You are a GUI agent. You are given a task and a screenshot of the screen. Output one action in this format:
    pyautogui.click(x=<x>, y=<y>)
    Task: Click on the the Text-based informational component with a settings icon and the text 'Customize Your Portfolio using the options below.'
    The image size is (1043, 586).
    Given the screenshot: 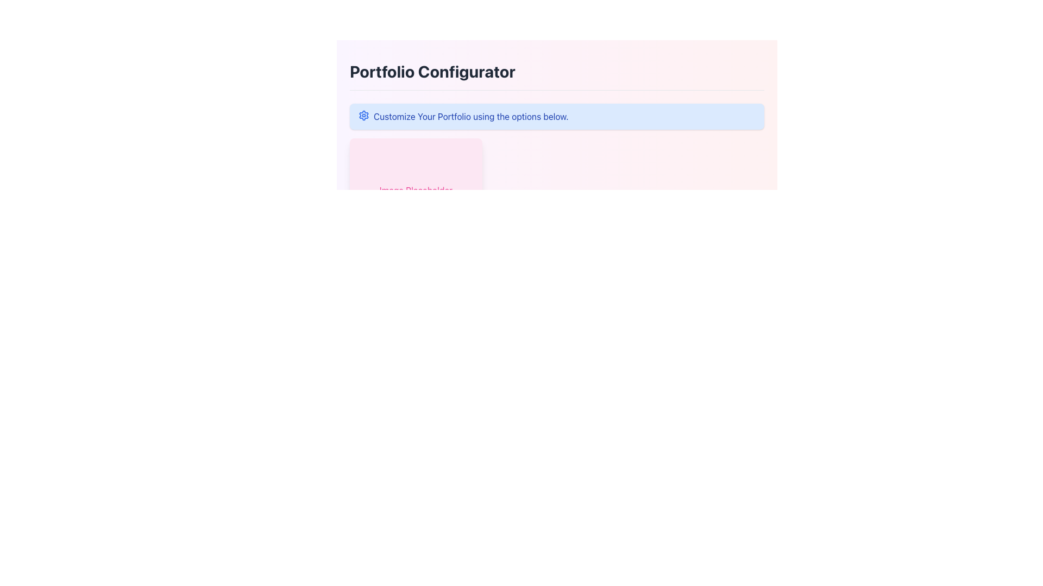 What is the action you would take?
    pyautogui.click(x=557, y=117)
    